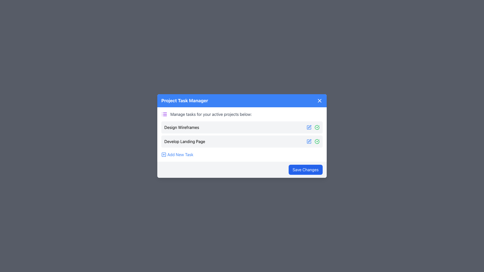 This screenshot has height=272, width=484. What do you see at coordinates (181, 127) in the screenshot?
I see `the Text Label that serves as a title for a specific task section in the Project Task Manager, positioned above the 'Develop Landing Page' item` at bounding box center [181, 127].